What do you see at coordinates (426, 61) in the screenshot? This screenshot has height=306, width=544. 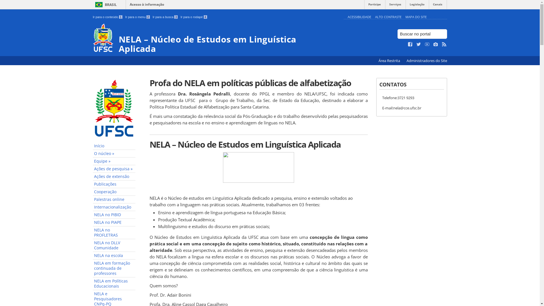 I see `'Administradores do Site'` at bounding box center [426, 61].